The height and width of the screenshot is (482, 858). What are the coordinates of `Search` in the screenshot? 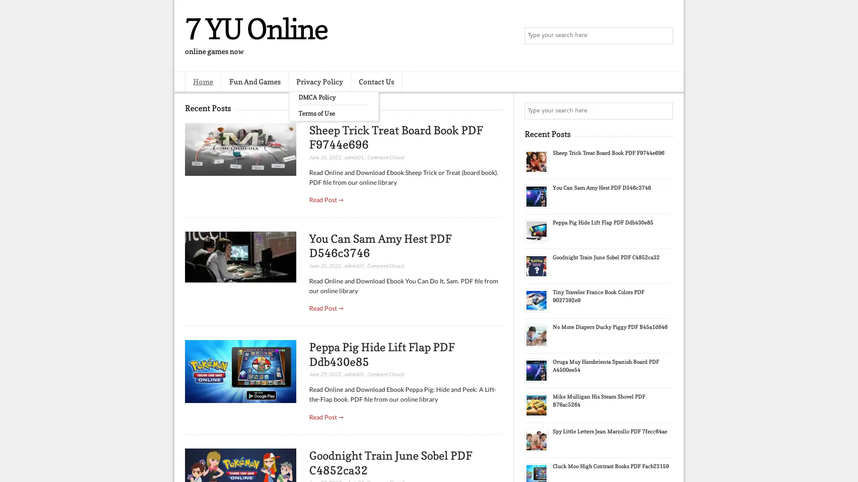 It's located at (664, 111).